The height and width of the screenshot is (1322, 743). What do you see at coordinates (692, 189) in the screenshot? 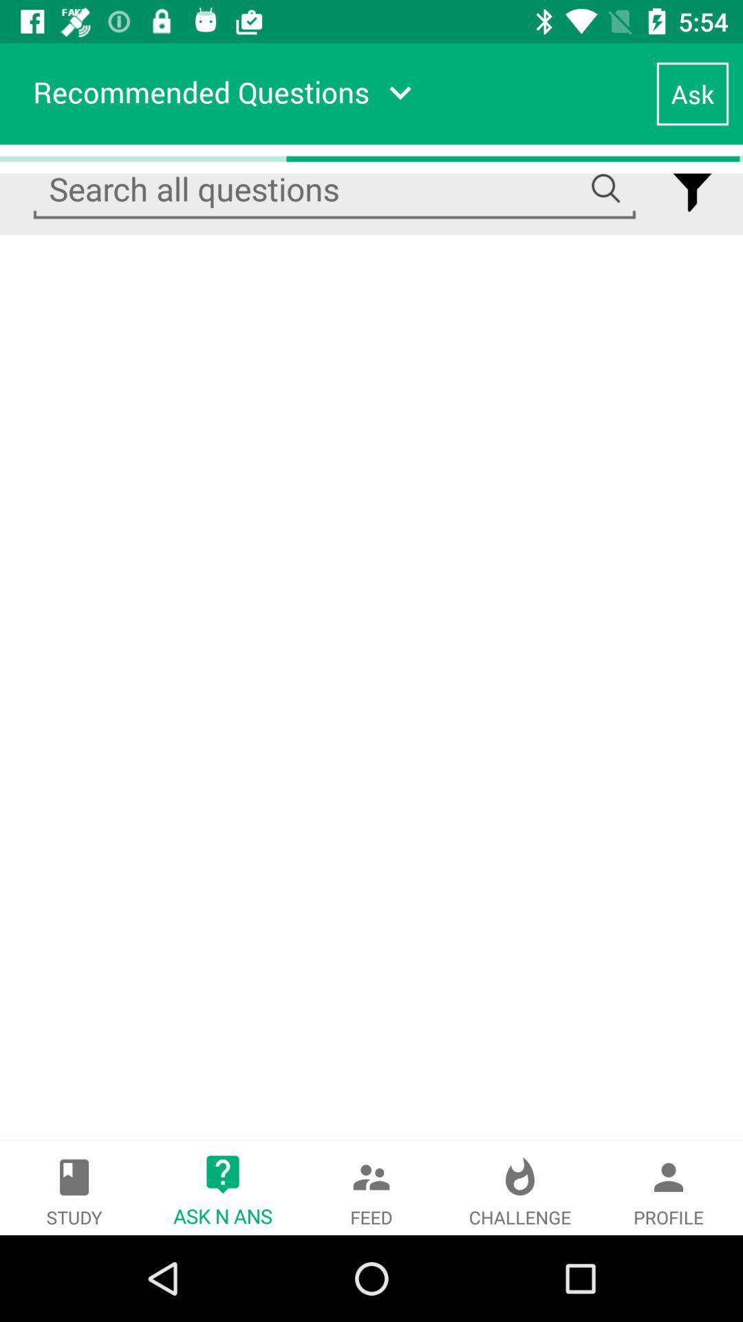
I see `filter option` at bounding box center [692, 189].